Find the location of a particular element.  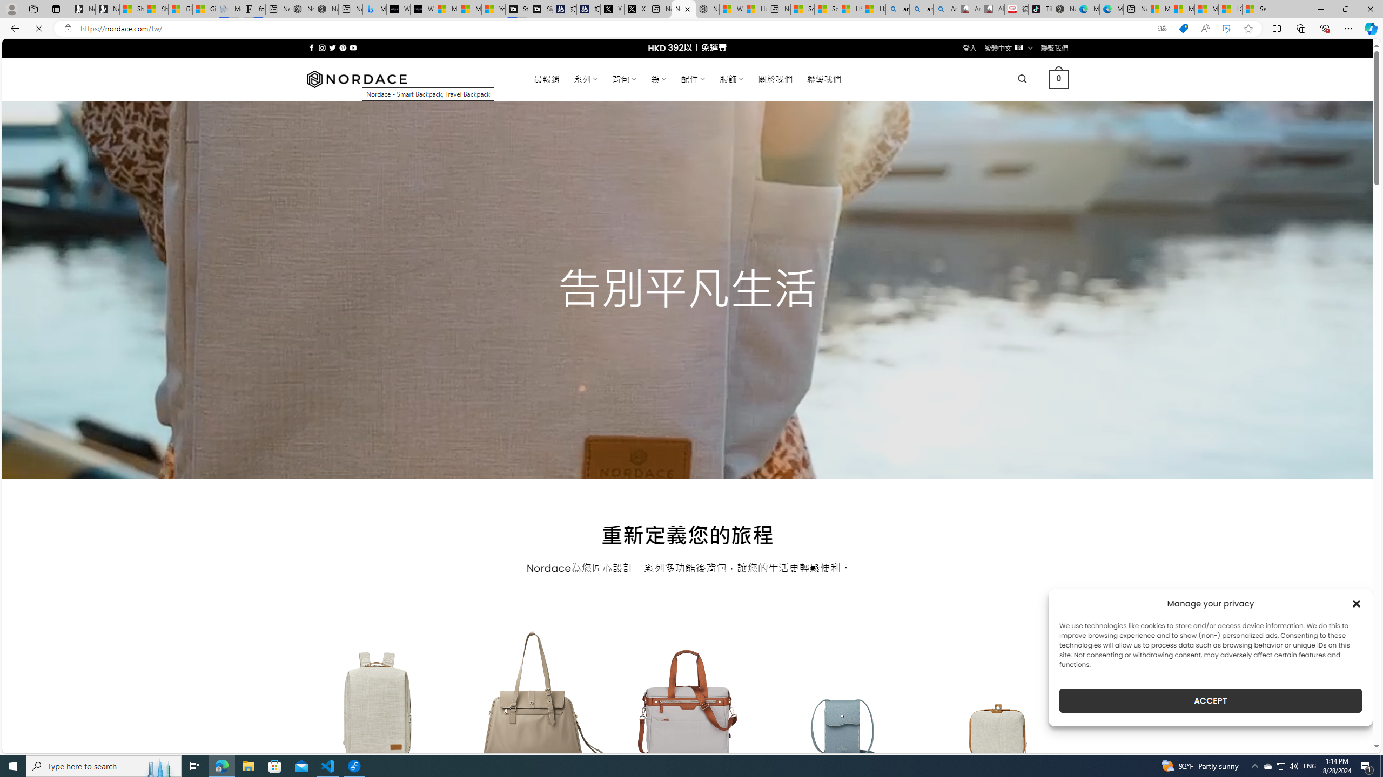

'Show translate options' is located at coordinates (1161, 29).